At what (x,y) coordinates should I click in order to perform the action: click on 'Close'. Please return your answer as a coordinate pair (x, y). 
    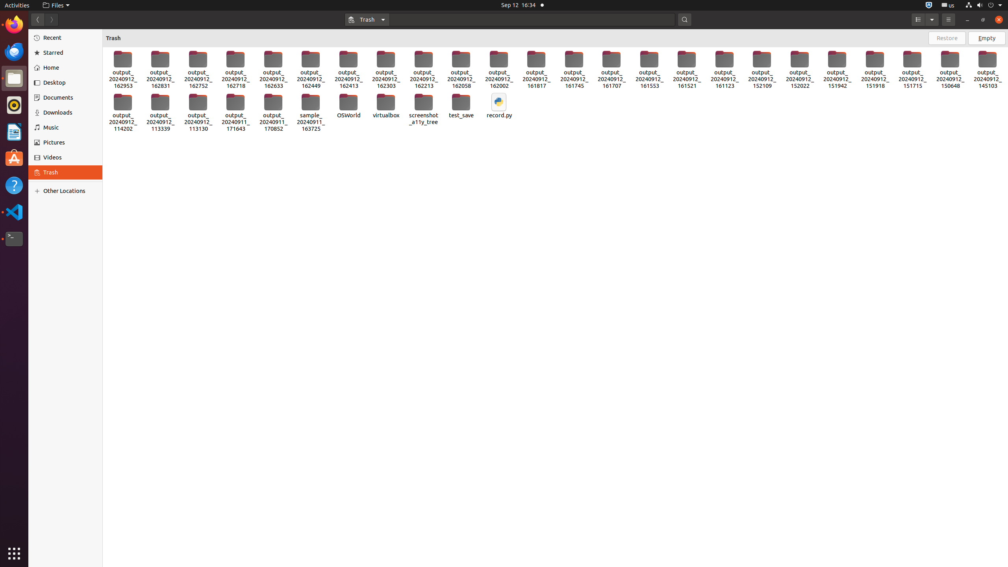
    Looking at the image, I should click on (998, 19).